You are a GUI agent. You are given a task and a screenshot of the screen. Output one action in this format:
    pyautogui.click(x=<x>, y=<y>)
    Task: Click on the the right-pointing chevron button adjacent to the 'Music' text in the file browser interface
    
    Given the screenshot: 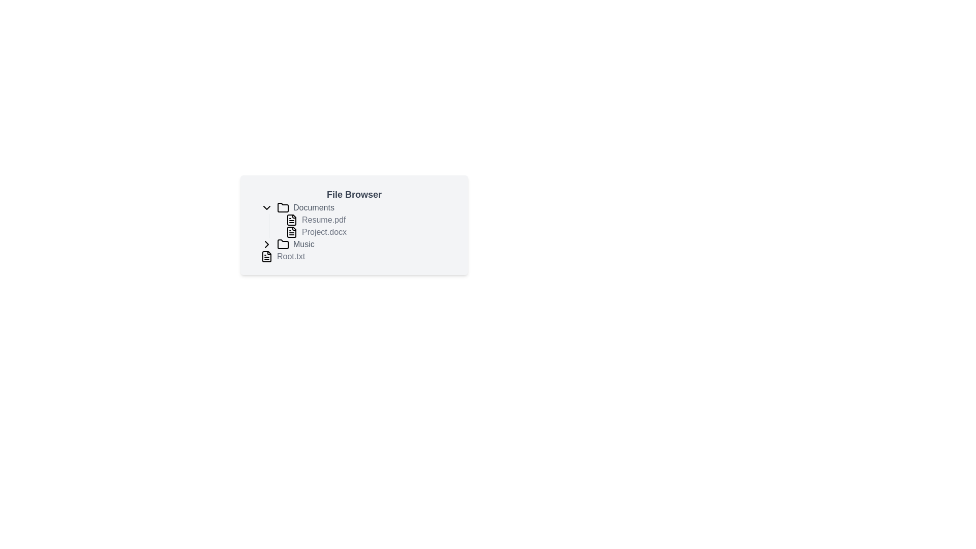 What is the action you would take?
    pyautogui.click(x=266, y=245)
    